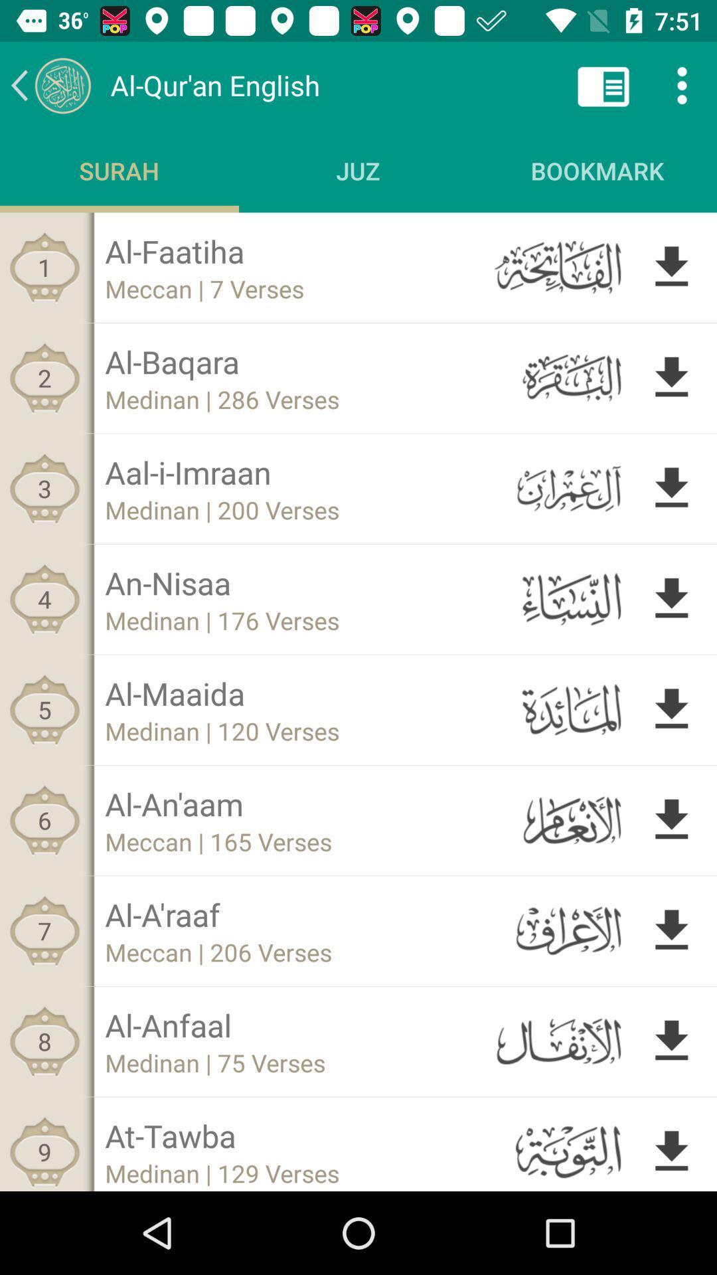 This screenshot has height=1275, width=717. I want to click on dowloting, so click(671, 1041).